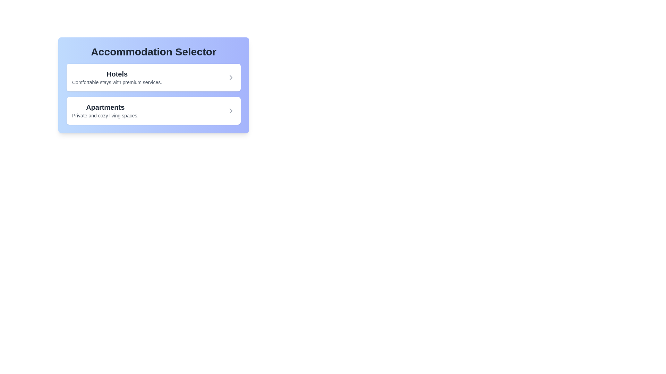  What do you see at coordinates (231, 77) in the screenshot?
I see `the chevron icon located at the far right of the 'Hotels' section, adjacent to the text 'Comfortable stays with premium services,'` at bounding box center [231, 77].